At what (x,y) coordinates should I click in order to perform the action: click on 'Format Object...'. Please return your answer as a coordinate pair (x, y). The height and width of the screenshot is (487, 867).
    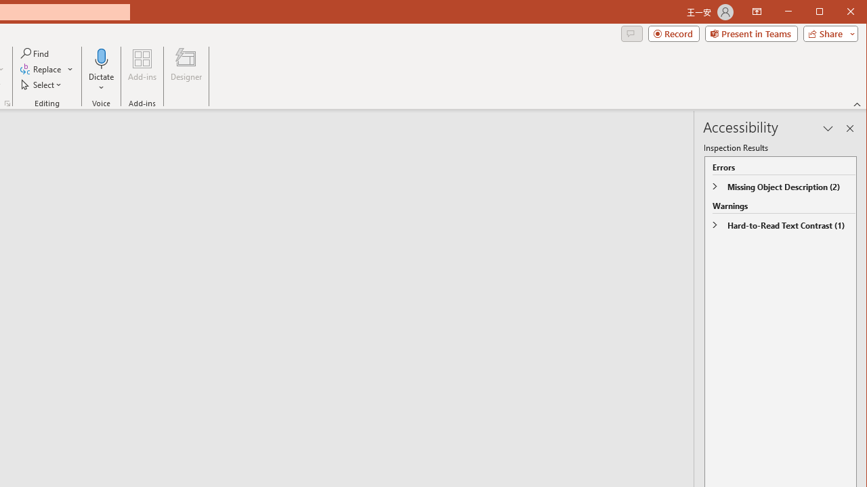
    Looking at the image, I should click on (7, 103).